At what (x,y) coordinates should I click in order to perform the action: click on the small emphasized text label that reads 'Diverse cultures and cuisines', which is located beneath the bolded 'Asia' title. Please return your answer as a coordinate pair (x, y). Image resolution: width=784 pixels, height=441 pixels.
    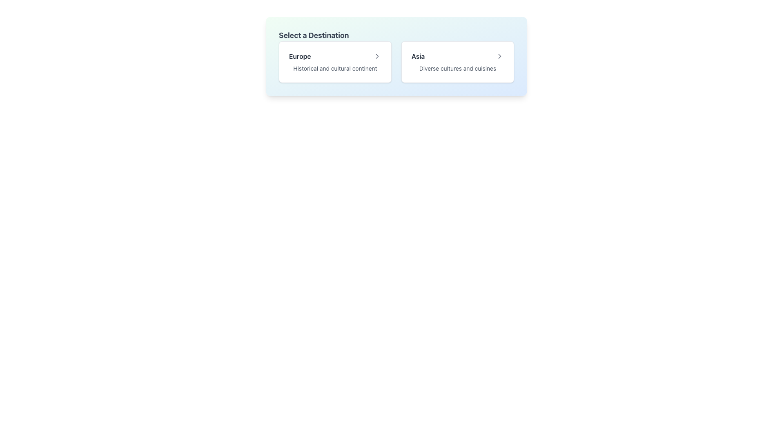
    Looking at the image, I should click on (458, 68).